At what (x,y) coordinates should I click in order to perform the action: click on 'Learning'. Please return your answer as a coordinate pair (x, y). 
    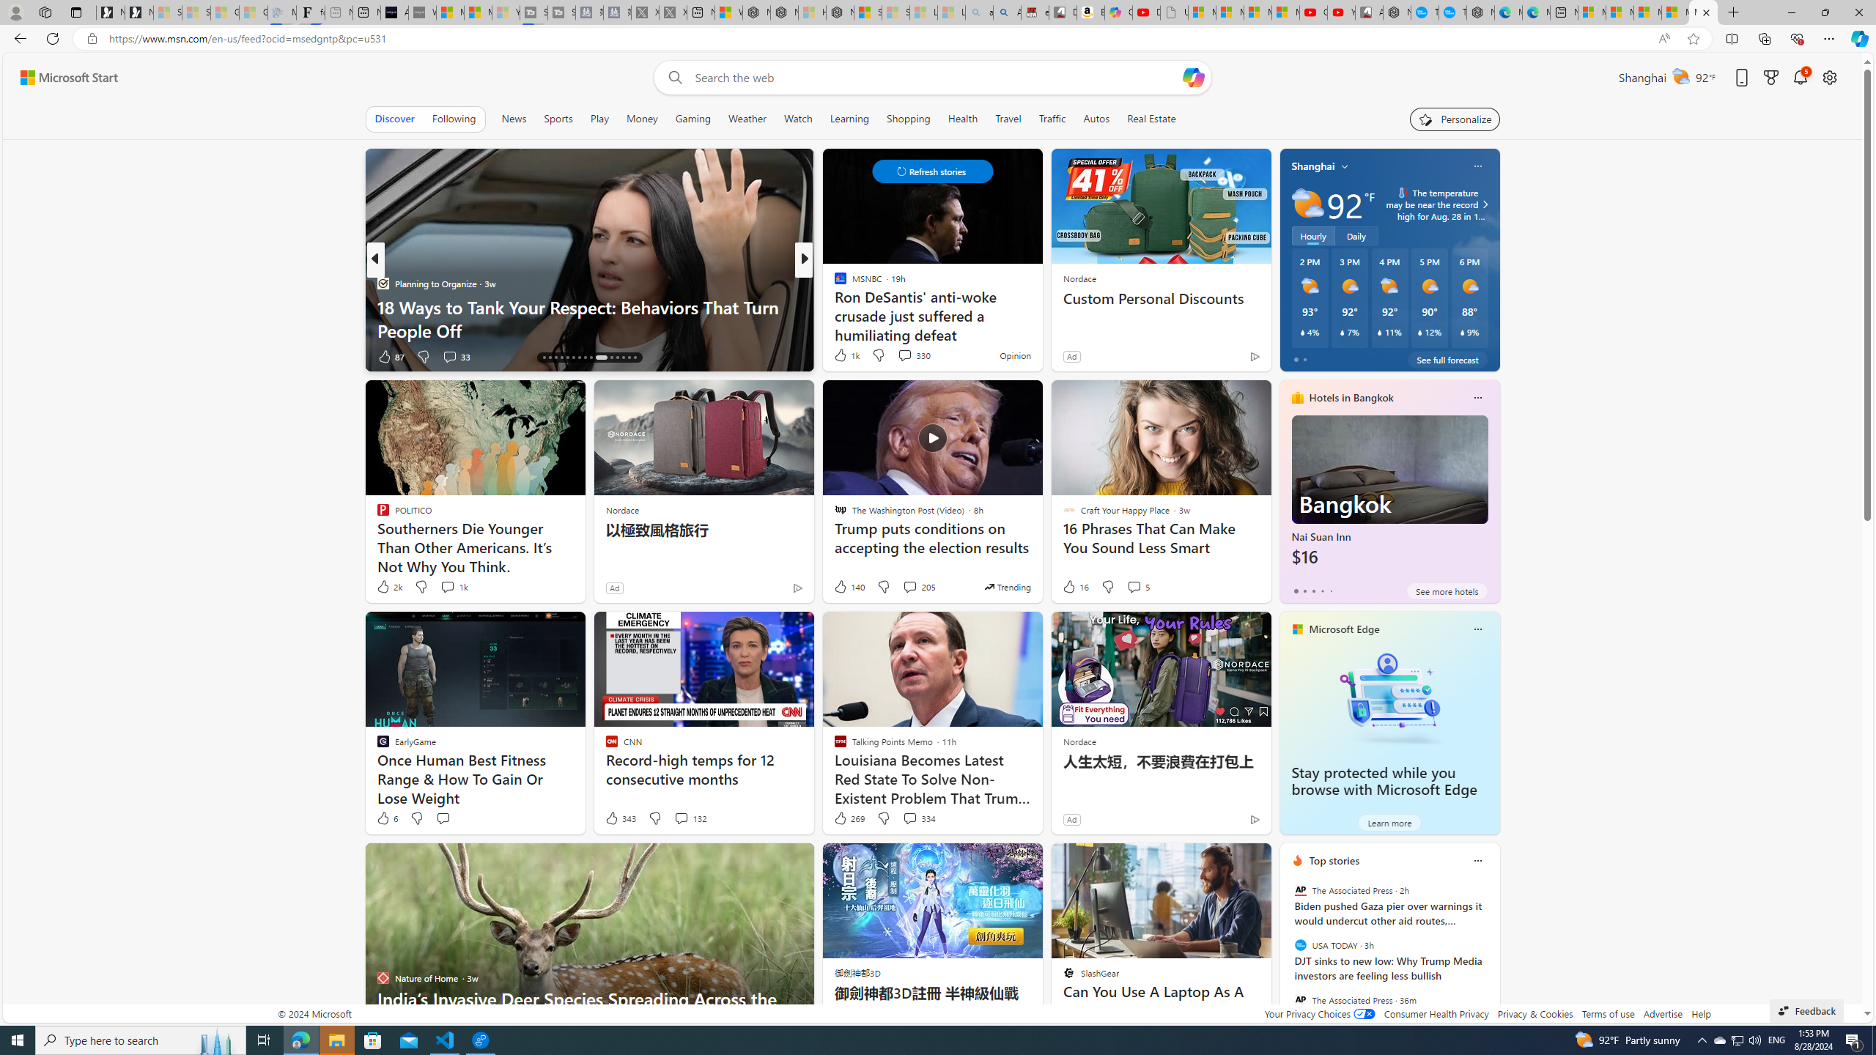
    Looking at the image, I should click on (849, 118).